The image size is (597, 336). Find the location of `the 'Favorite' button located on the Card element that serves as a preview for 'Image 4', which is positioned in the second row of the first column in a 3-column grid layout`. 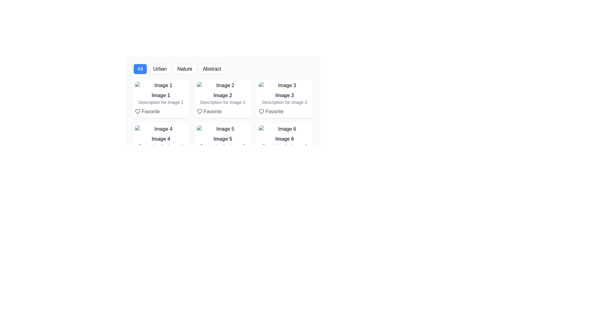

the 'Favorite' button located on the Card element that serves as a preview for 'Image 4', which is positioned in the second row of the first column in a 3-column grid layout is located at coordinates (161, 142).